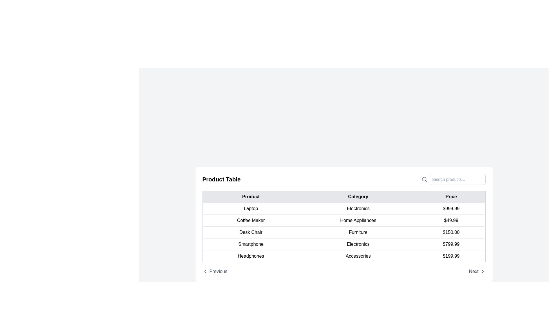 The height and width of the screenshot is (313, 557). I want to click on the last row, so click(344, 256).